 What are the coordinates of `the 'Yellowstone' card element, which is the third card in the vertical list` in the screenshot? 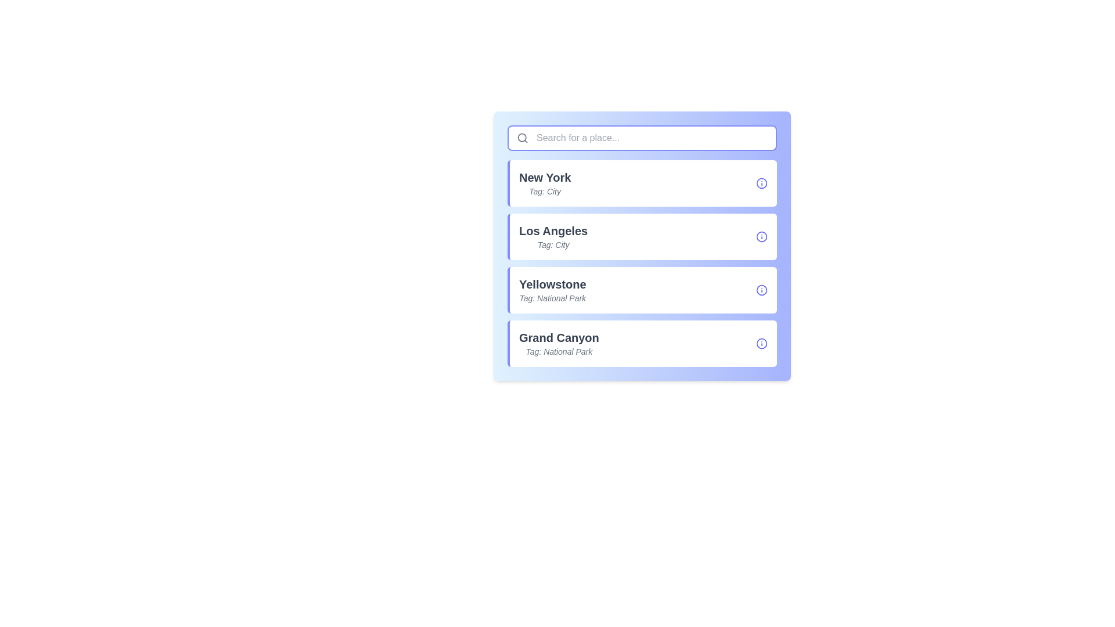 It's located at (641, 290).